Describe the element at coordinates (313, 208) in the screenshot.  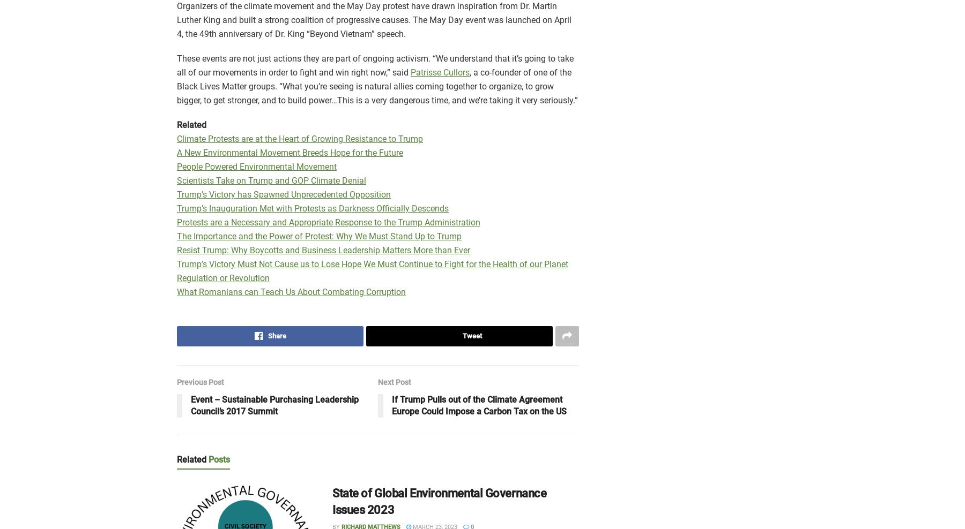
I see `'Trump’s Inauguration Met with Protests as Darkness Officially Descends'` at that location.